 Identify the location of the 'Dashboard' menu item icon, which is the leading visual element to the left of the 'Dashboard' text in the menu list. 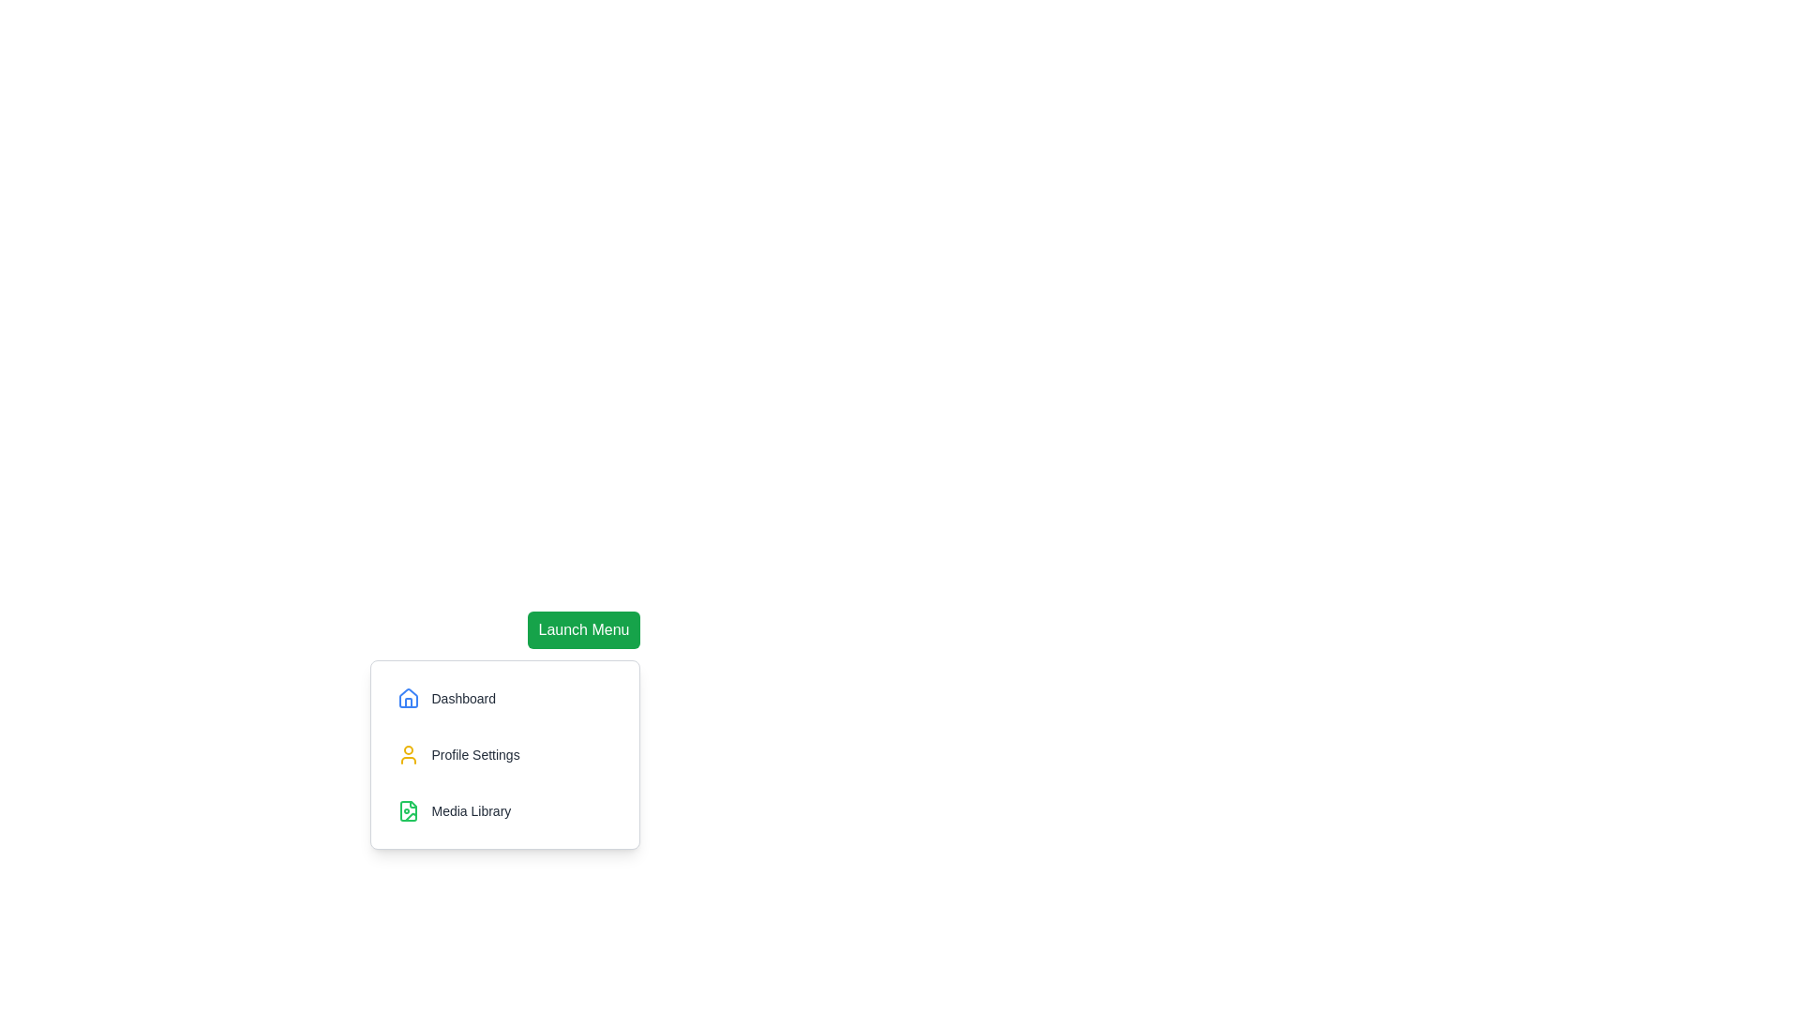
(408, 698).